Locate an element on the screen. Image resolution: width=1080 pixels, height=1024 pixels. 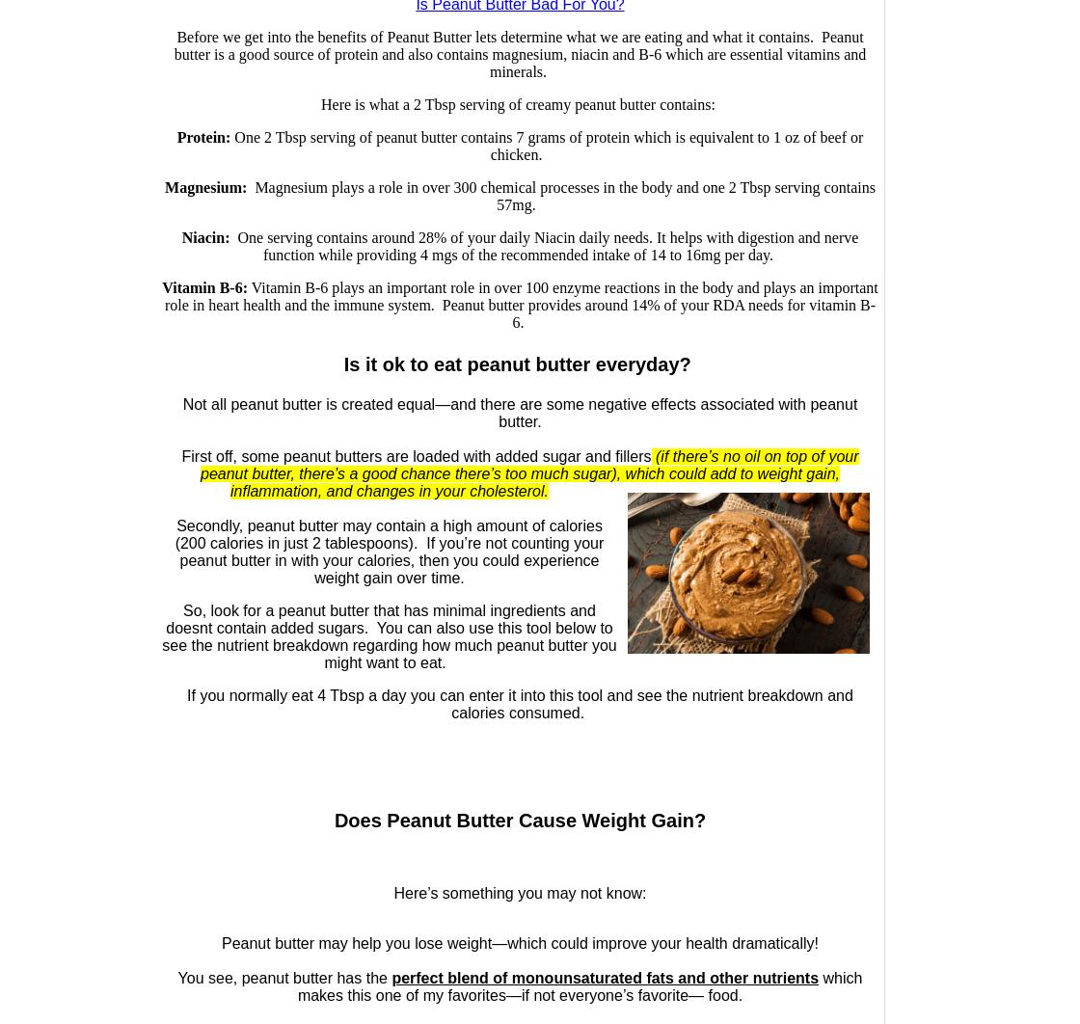
'Here is what a 2 Tbsp serving of creamy peanut butter contains:' is located at coordinates (519, 104).